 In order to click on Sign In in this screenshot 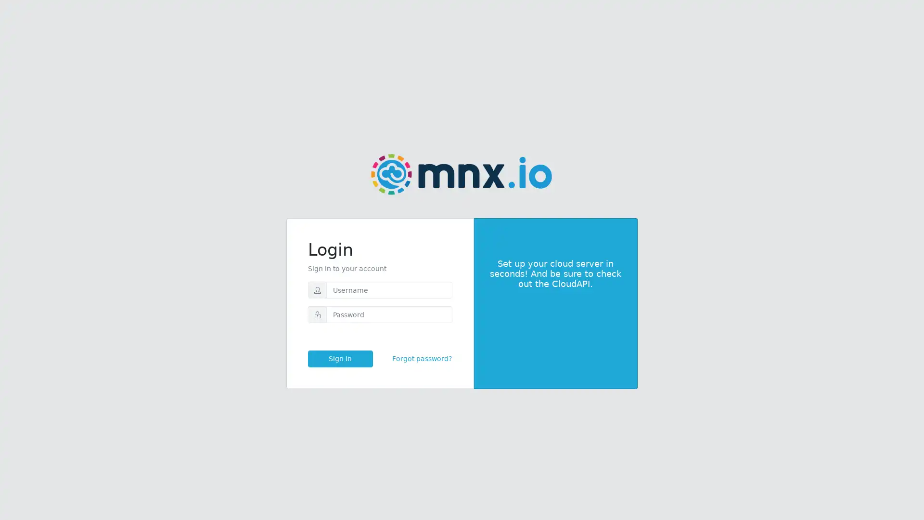, I will do `click(340, 359)`.